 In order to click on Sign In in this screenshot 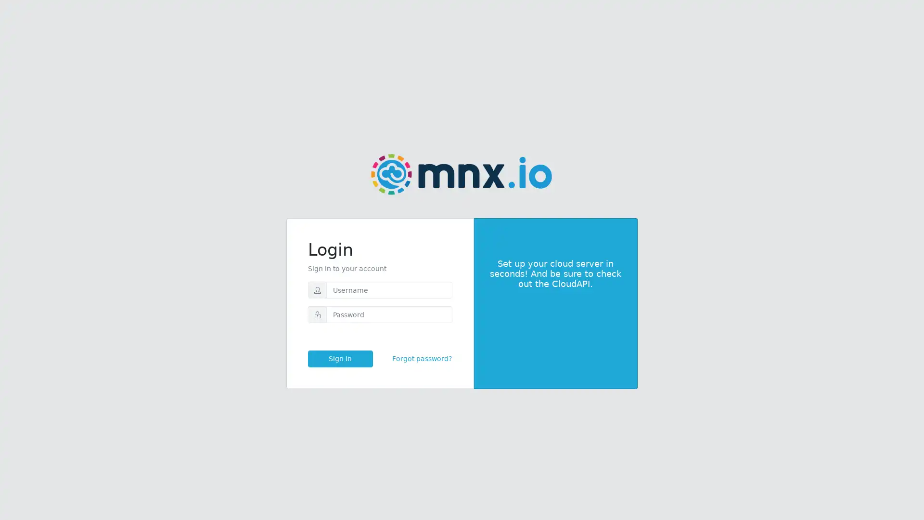, I will do `click(340, 359)`.